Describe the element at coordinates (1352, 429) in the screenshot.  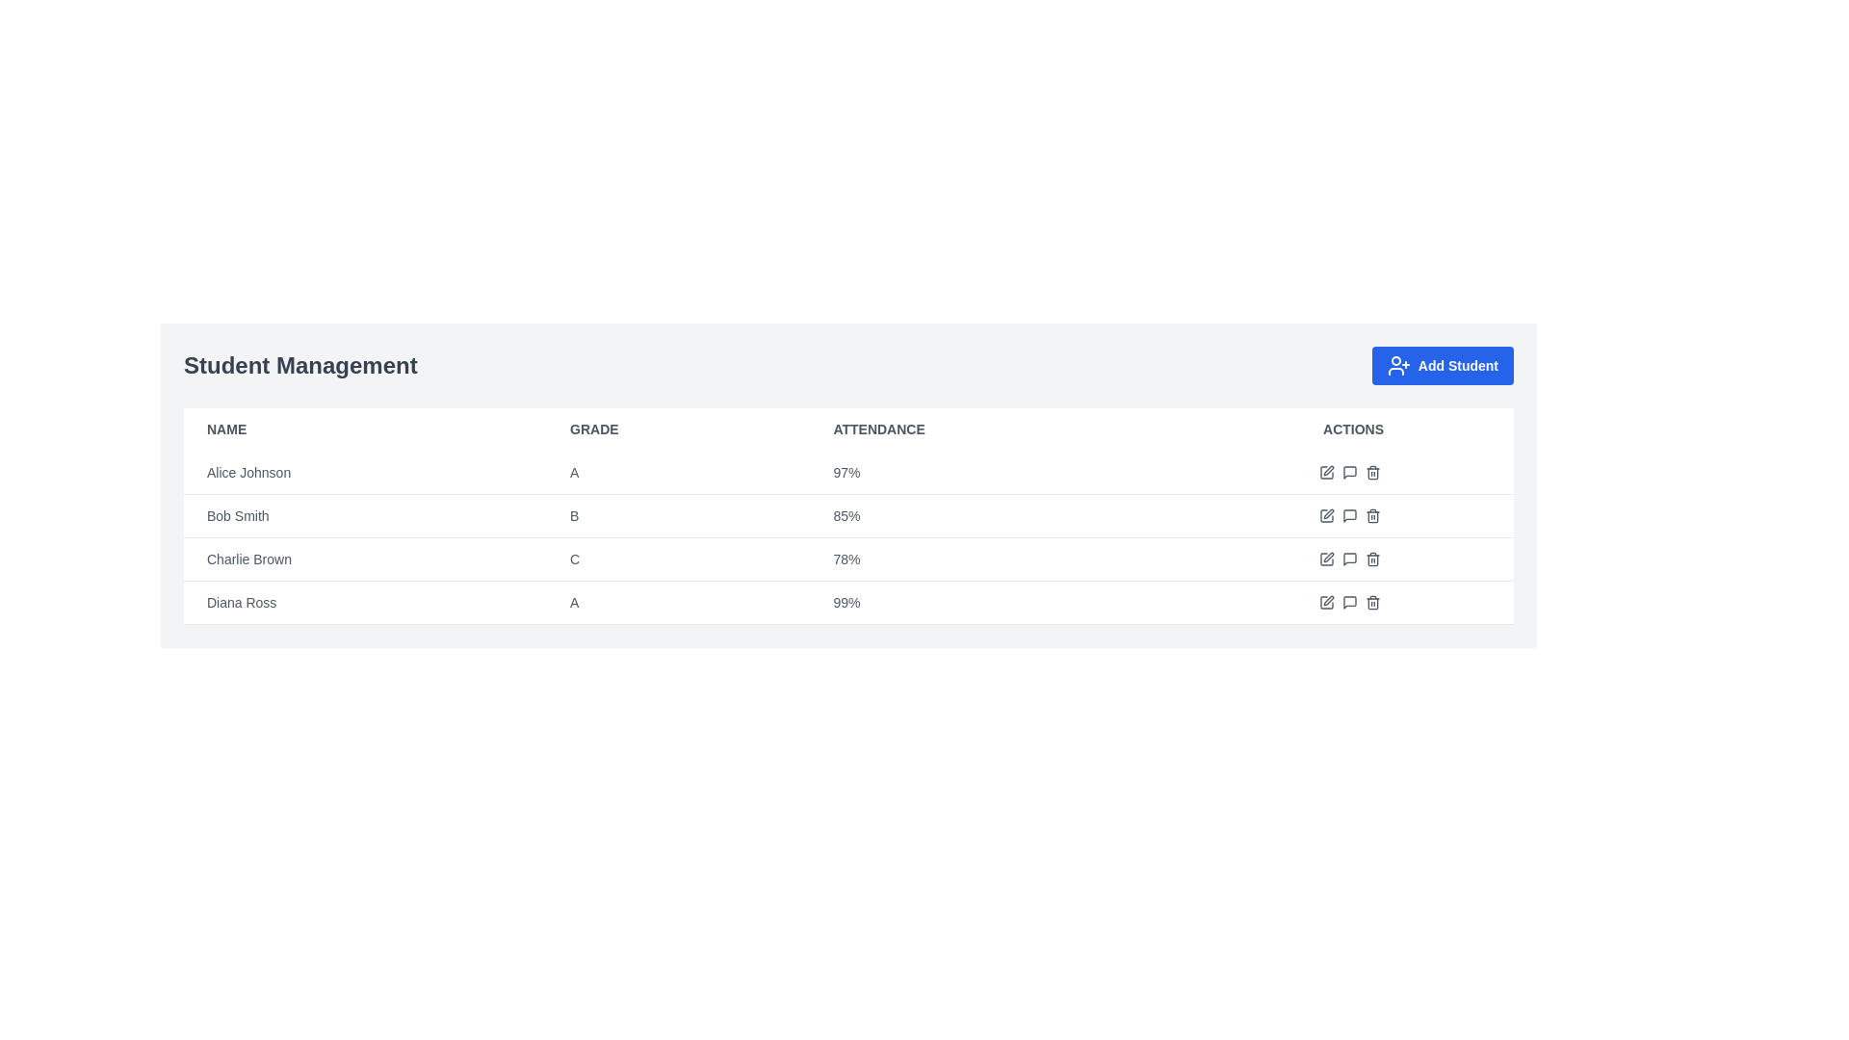
I see `text of the 'Actions' column header cell, which is the fourth header in the table located at the rightmost side after the 'Attendance' header` at that location.